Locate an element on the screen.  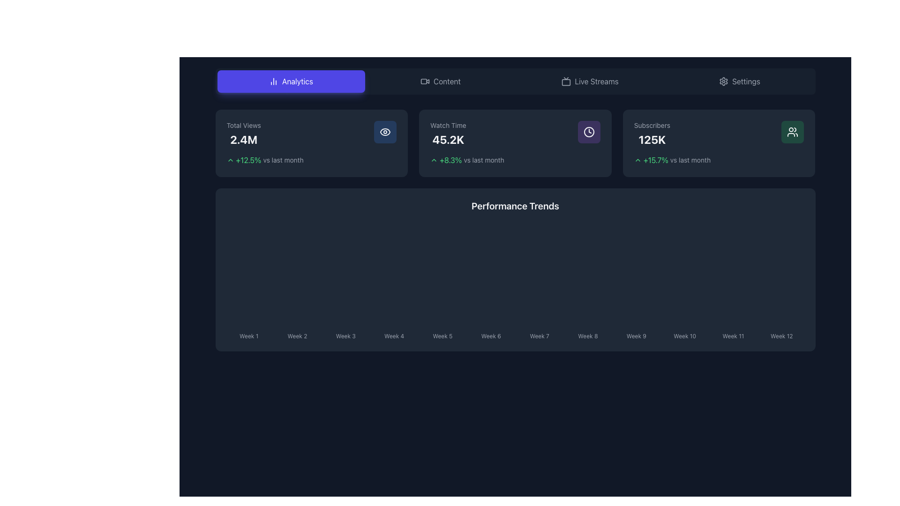
the icon button in the Subscribers panel located at the upper-right corner next to the '125K' label is located at coordinates (792, 132).